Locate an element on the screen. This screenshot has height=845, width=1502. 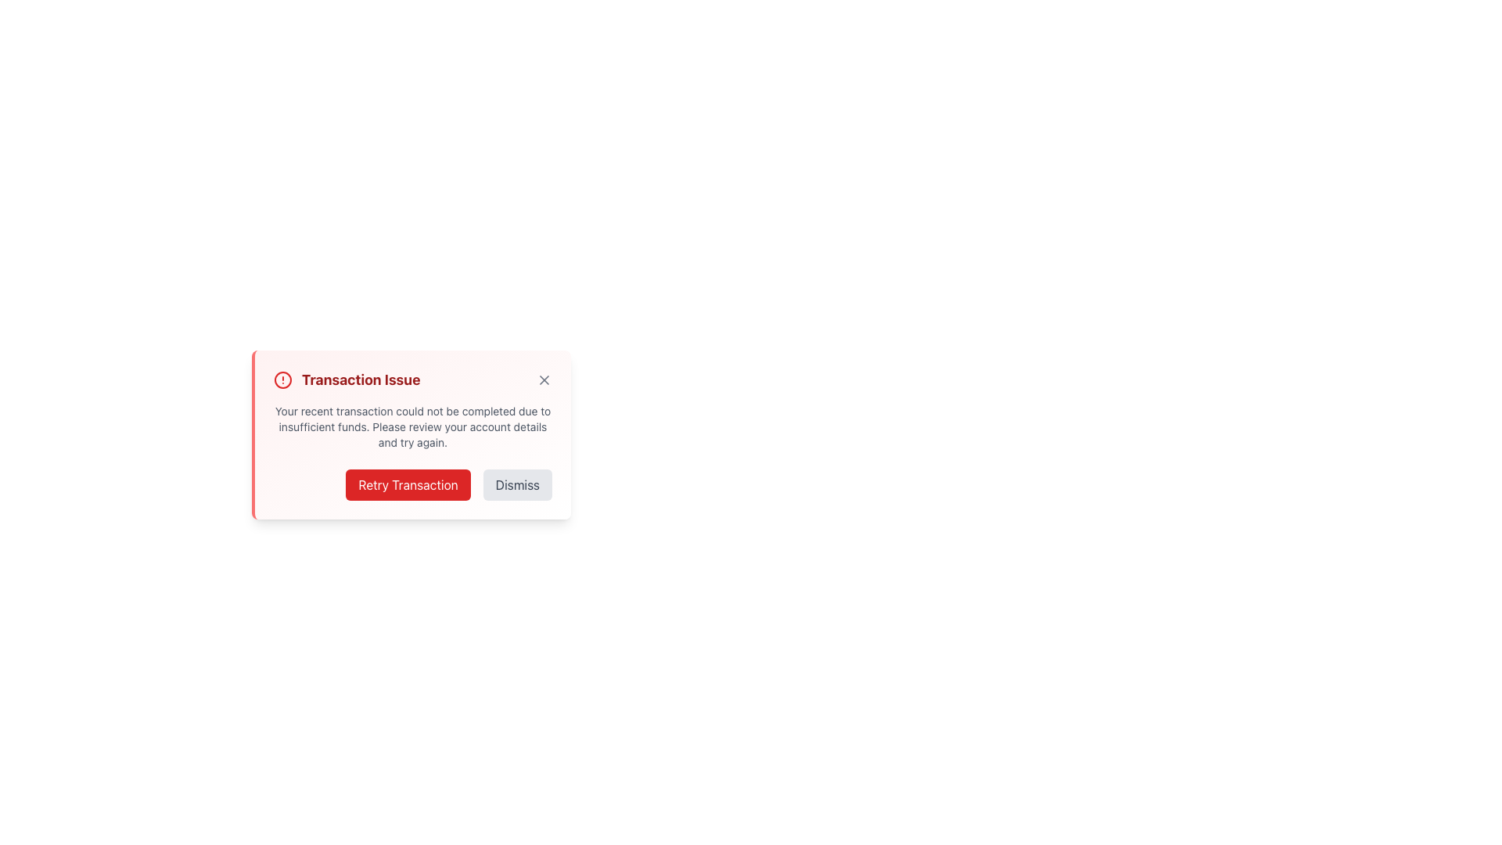
the close button located at the top-right corner of the alert box is located at coordinates (544, 380).